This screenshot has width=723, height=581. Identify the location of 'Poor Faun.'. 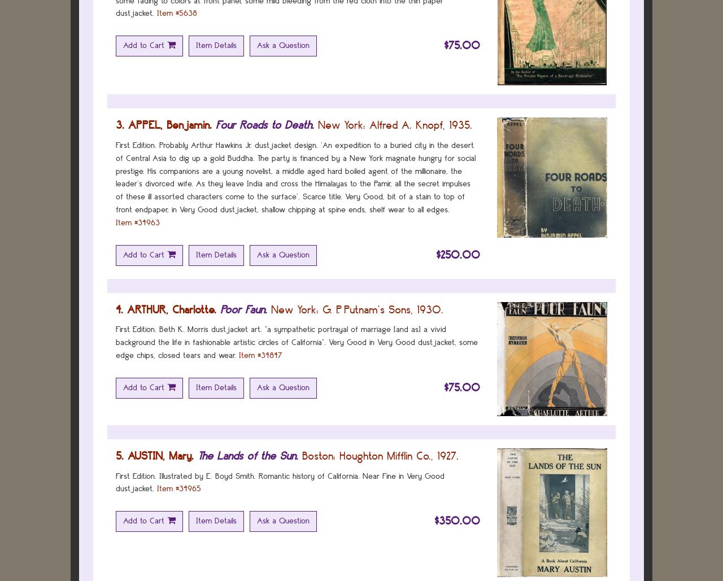
(243, 308).